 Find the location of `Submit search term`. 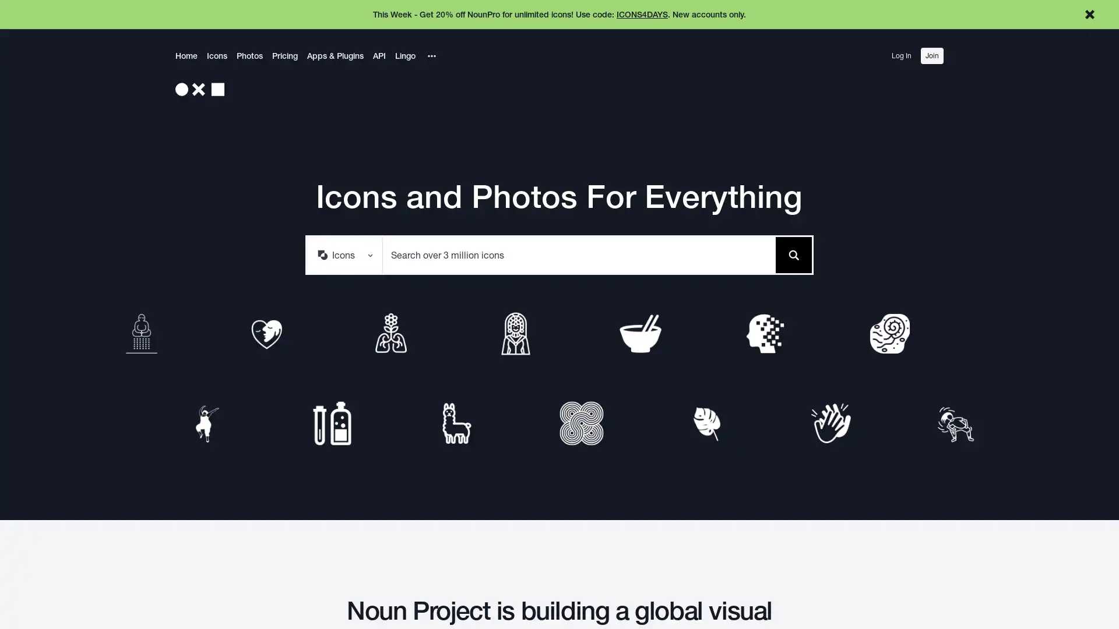

Submit search term is located at coordinates (793, 253).